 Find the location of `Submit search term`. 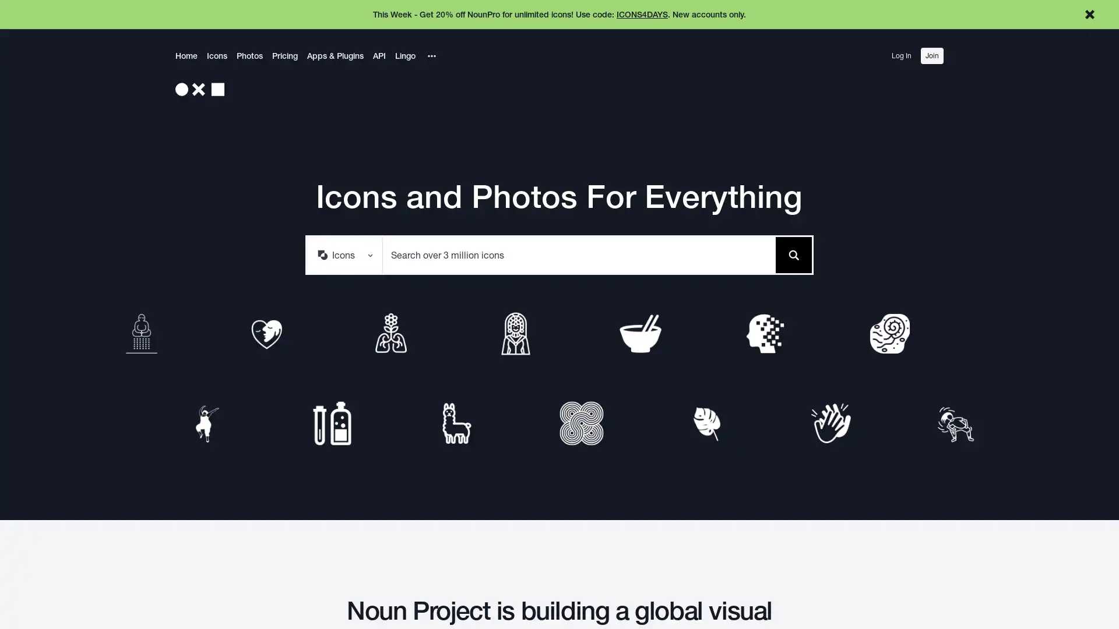

Submit search term is located at coordinates (793, 253).